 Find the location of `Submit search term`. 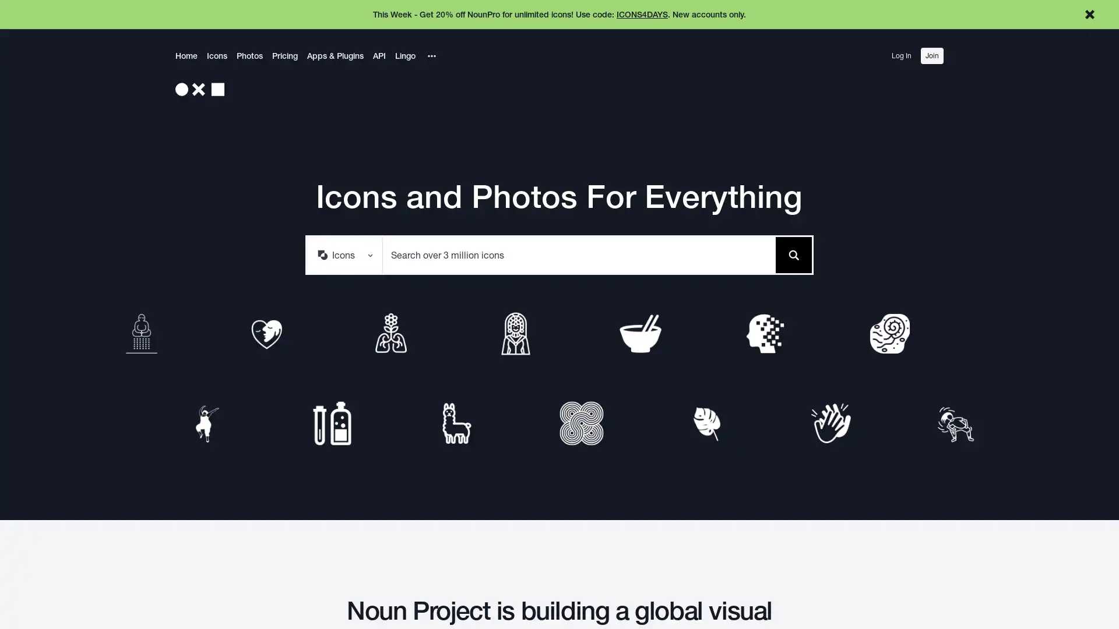

Submit search term is located at coordinates (793, 253).